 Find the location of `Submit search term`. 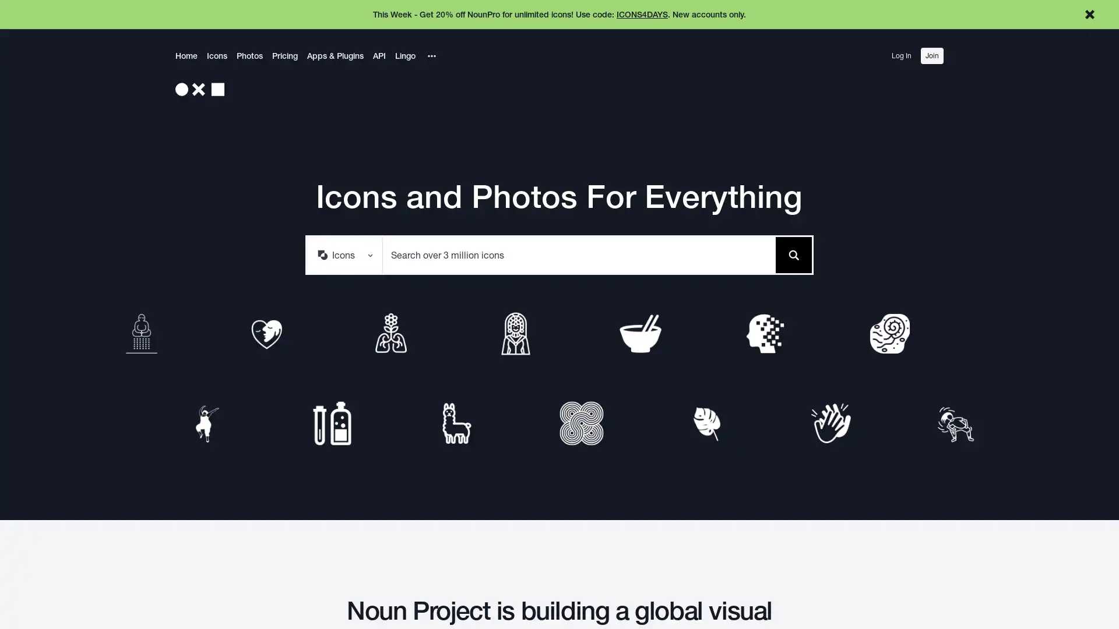

Submit search term is located at coordinates (793, 253).